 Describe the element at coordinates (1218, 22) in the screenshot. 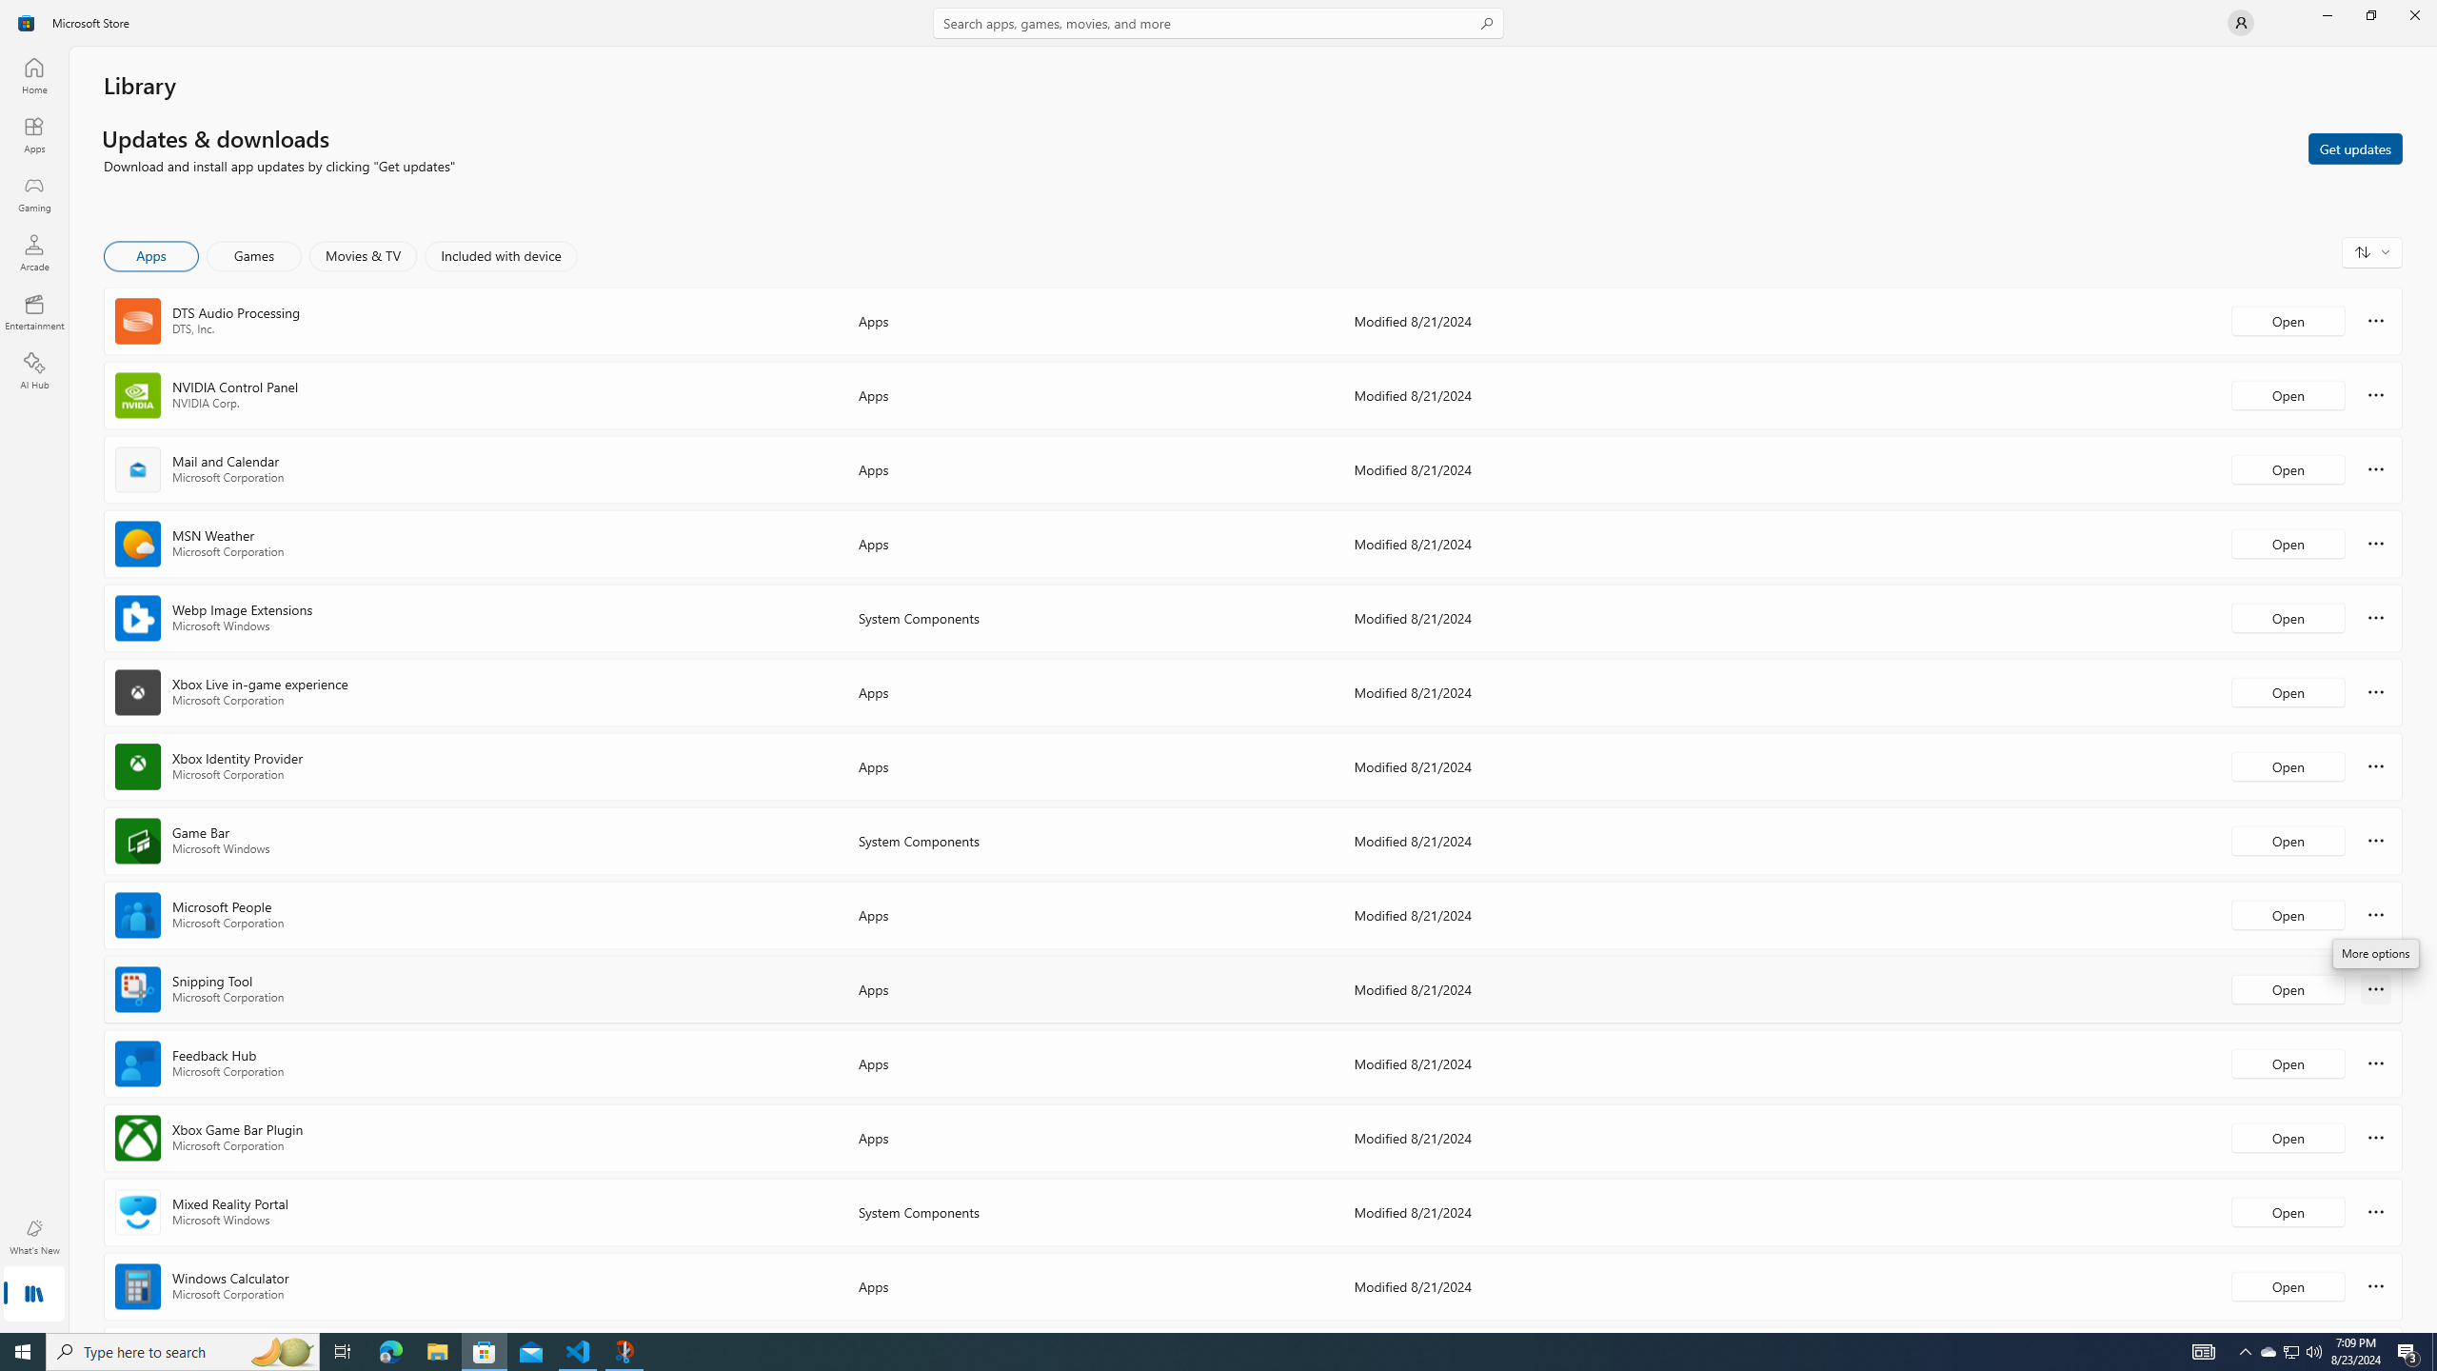

I see `'Search'` at that location.